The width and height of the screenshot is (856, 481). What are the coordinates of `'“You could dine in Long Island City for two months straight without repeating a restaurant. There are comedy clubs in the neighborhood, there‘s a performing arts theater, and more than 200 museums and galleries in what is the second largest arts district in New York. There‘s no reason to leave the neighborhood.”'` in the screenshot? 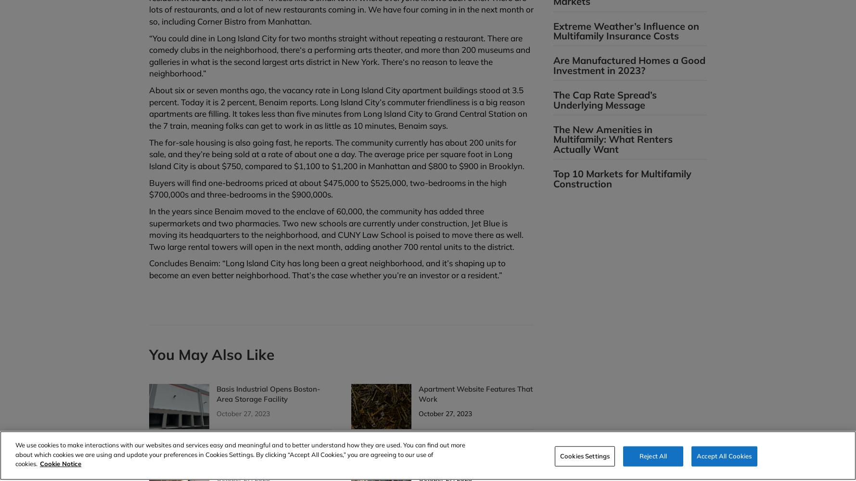 It's located at (149, 55).